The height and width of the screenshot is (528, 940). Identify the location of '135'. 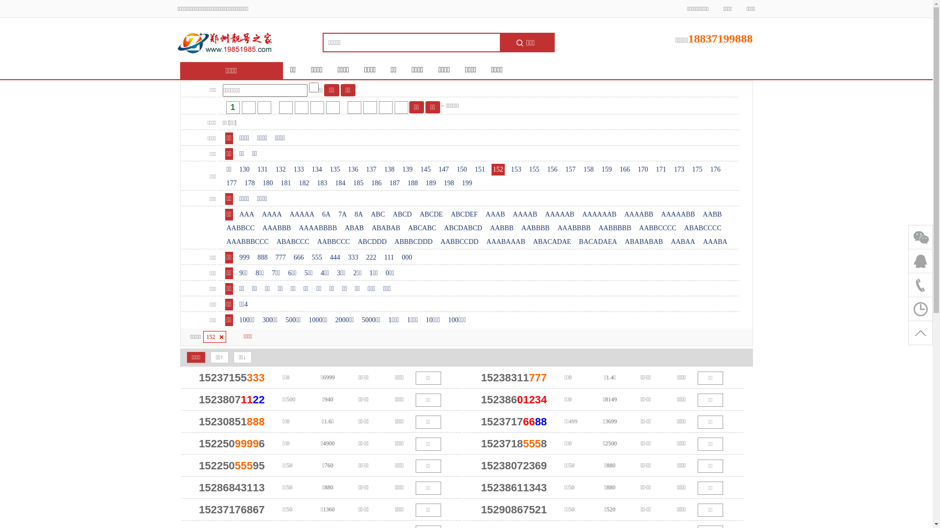
(329, 169).